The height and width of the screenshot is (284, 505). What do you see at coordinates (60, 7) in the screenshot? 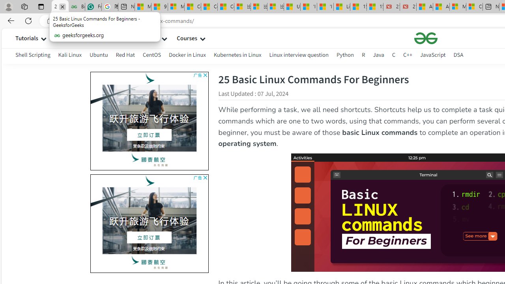
I see `'25 Basic Linux Commands For Beginners - GeeksforGeeks'` at bounding box center [60, 7].